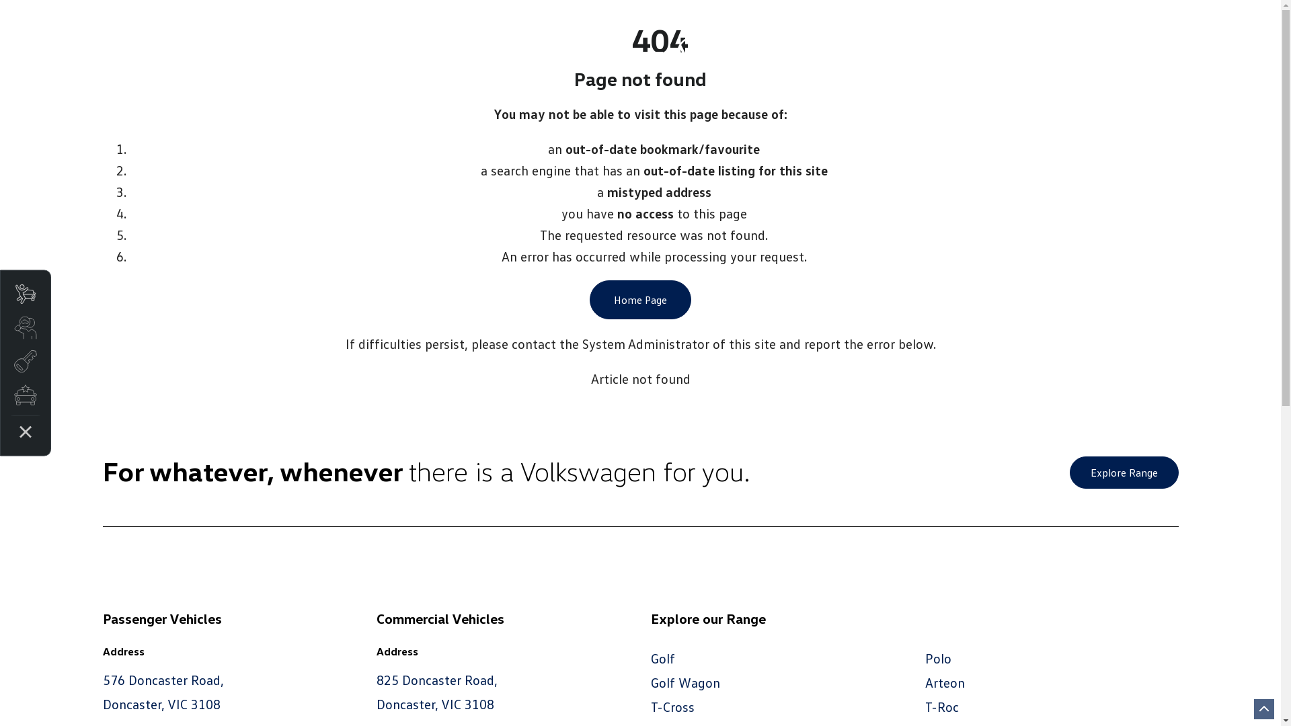 Image resolution: width=1291 pixels, height=726 pixels. What do you see at coordinates (944, 682) in the screenshot?
I see `'Arteon'` at bounding box center [944, 682].